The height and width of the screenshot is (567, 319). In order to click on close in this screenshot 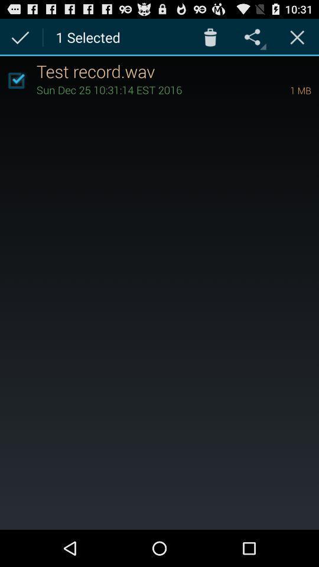, I will do `click(297, 37)`.